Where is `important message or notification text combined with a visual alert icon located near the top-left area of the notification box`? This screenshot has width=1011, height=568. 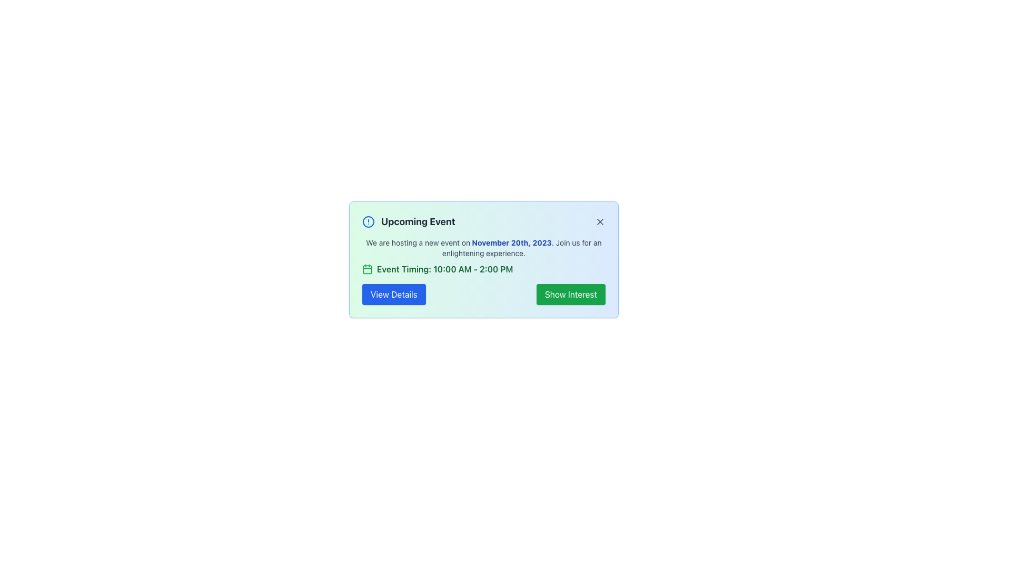
important message or notification text combined with a visual alert icon located near the top-left area of the notification box is located at coordinates (408, 221).